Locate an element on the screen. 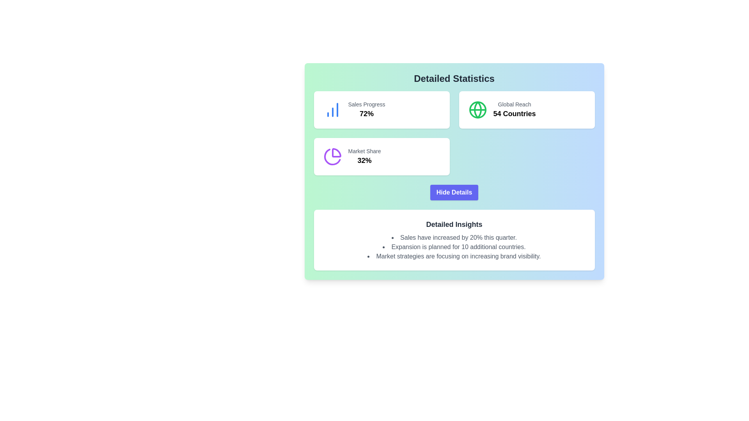  the innermost SVG Circle element of the globe icon located in the top right quadrant of the 'Detailed Statistics' section, which enhances the visual communication of the concept of global reach is located at coordinates (477, 110).